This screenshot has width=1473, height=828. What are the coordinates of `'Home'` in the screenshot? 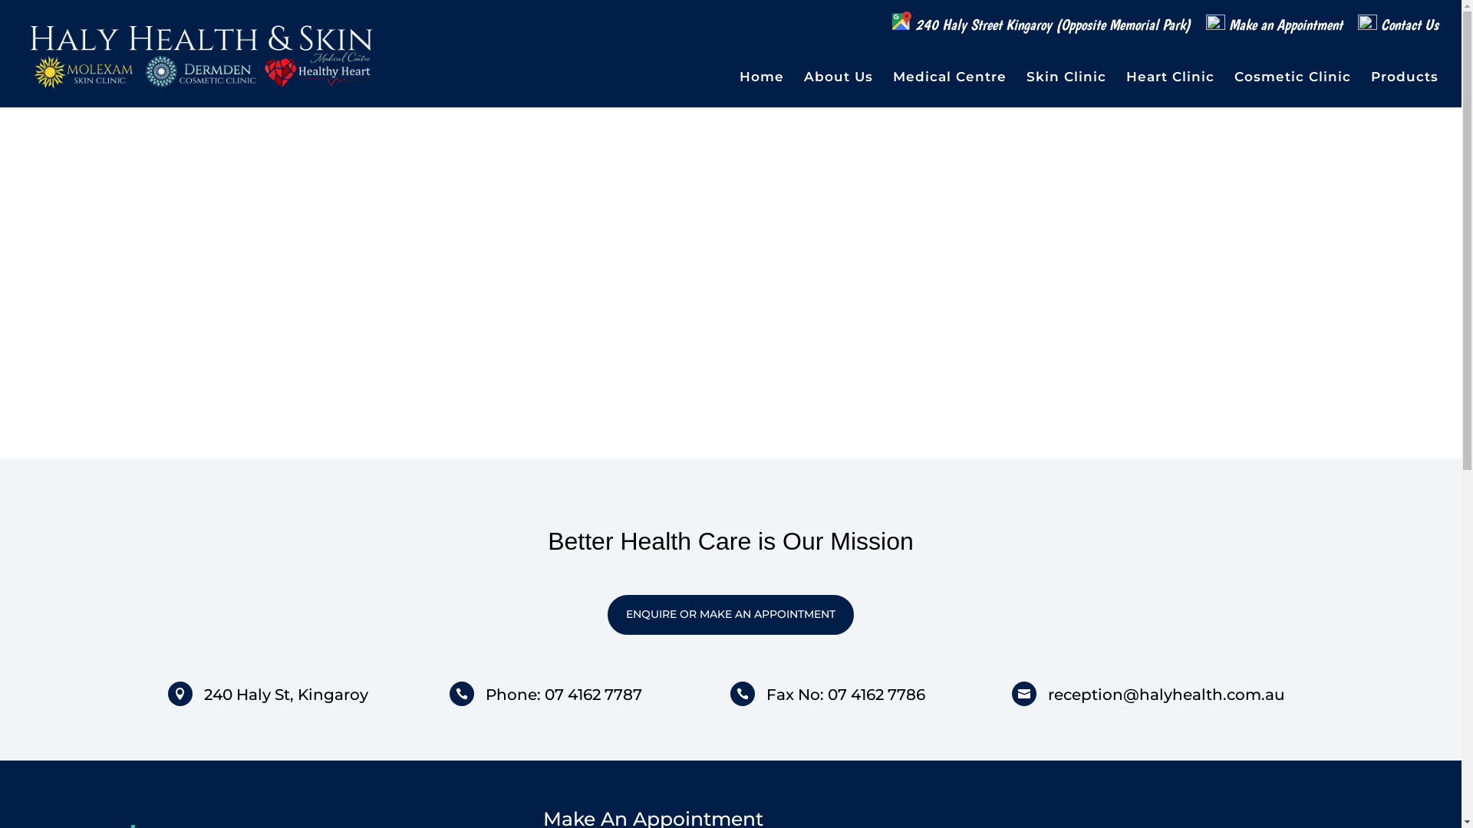 It's located at (762, 89).